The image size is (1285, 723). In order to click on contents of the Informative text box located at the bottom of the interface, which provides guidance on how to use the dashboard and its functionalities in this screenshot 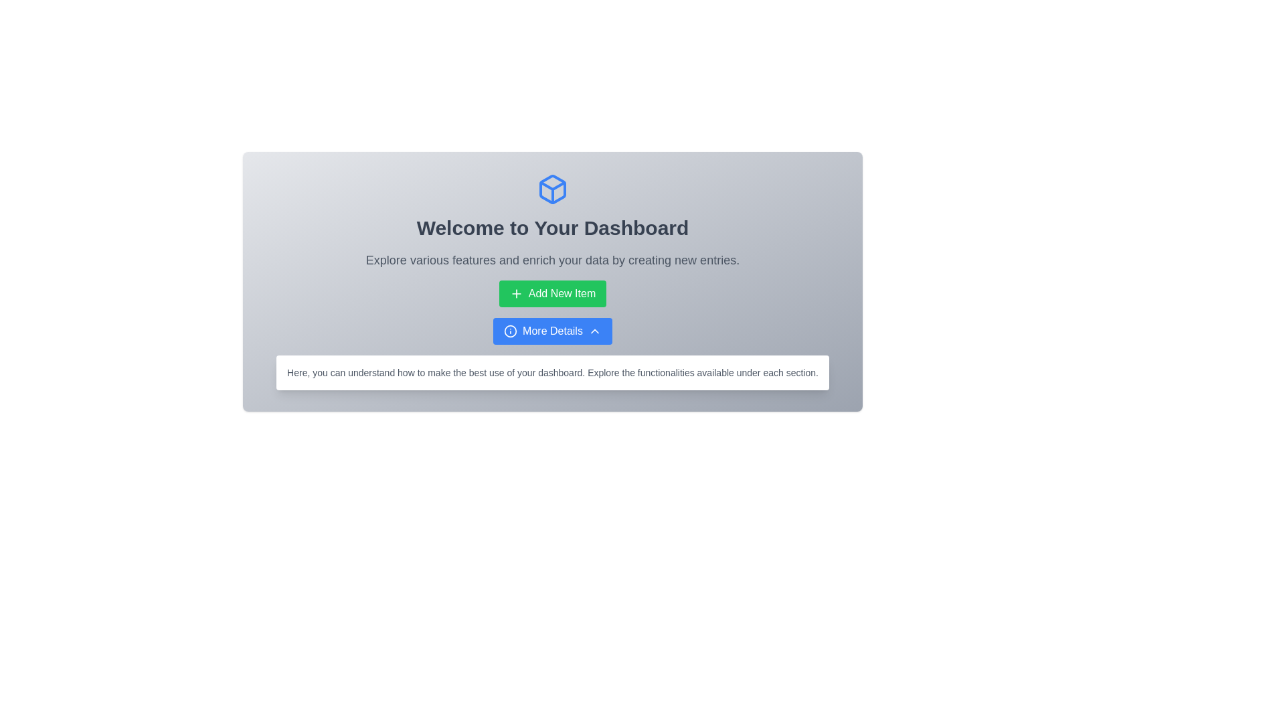, I will do `click(552, 372)`.